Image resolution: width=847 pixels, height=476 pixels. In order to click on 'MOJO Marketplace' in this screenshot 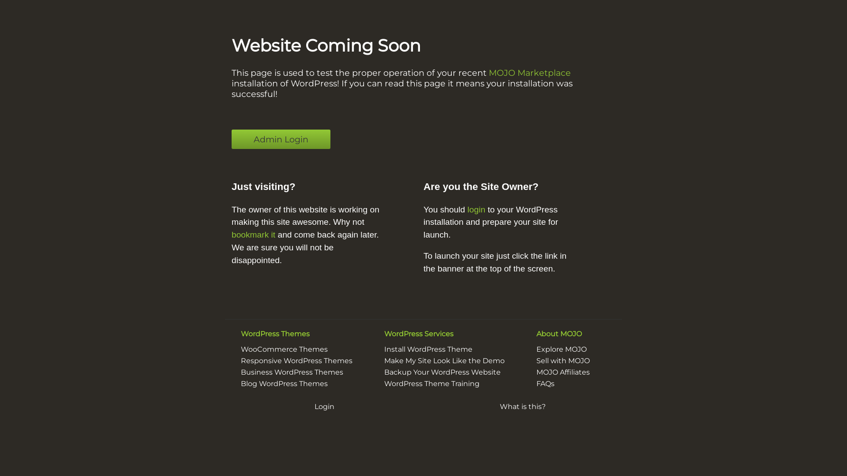, I will do `click(529, 72)`.